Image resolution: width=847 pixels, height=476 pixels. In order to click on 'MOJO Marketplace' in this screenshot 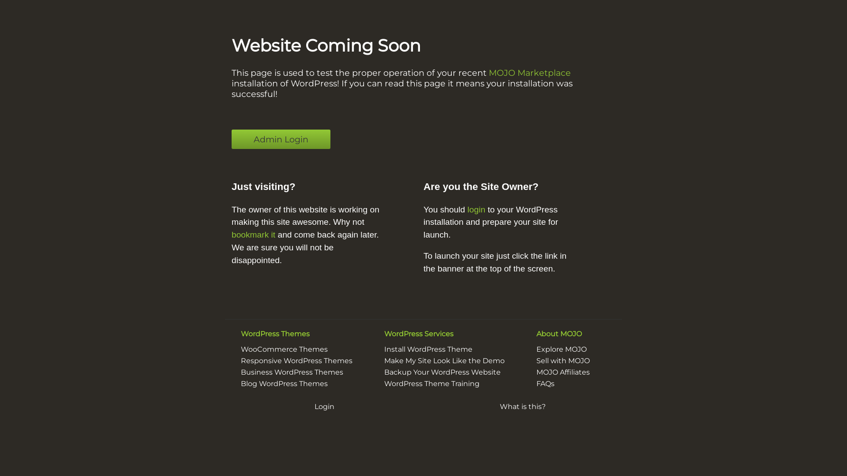, I will do `click(529, 72)`.